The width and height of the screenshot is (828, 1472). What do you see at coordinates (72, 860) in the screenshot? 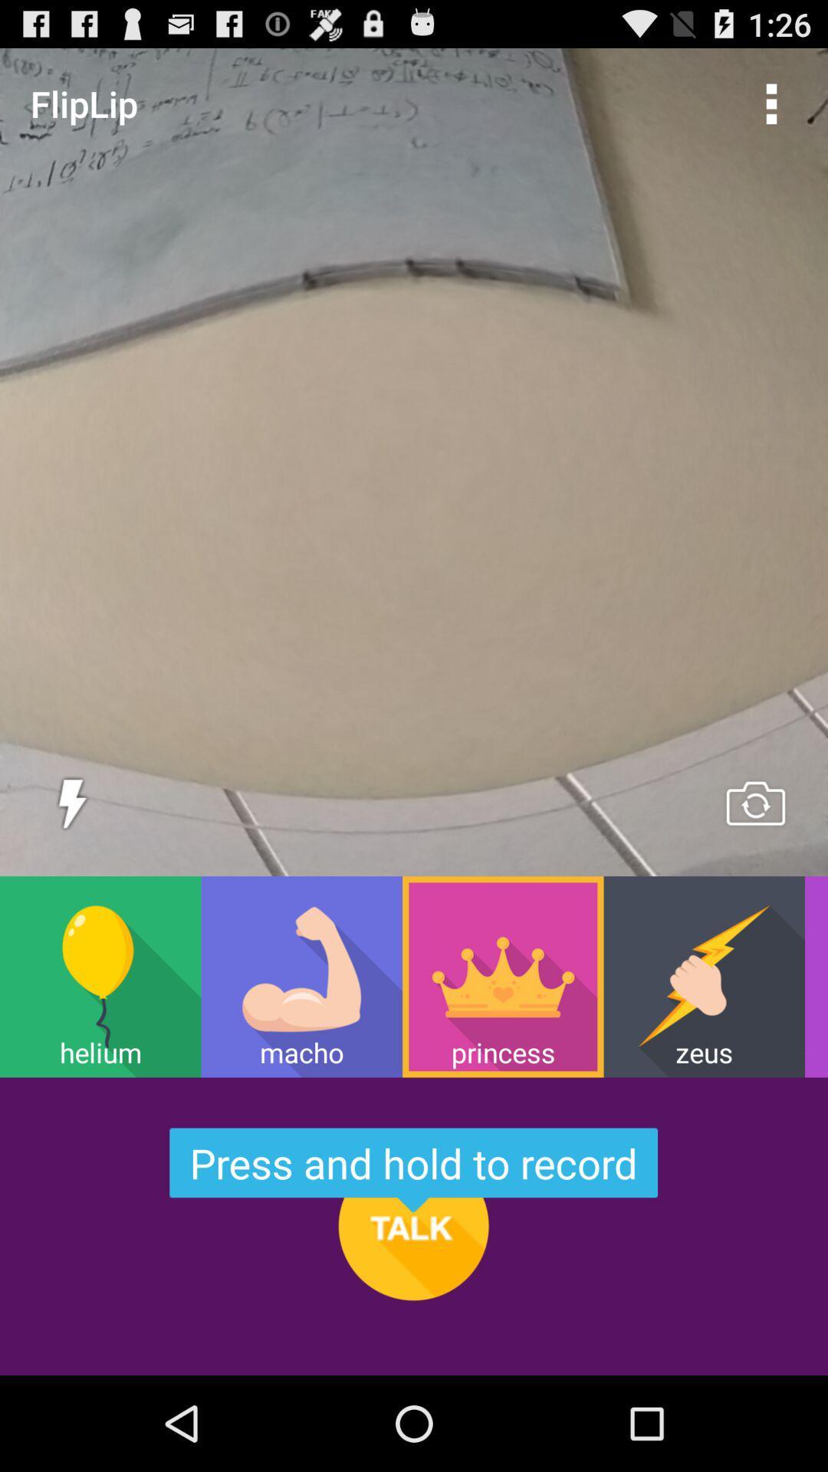
I see `the flash icon` at bounding box center [72, 860].